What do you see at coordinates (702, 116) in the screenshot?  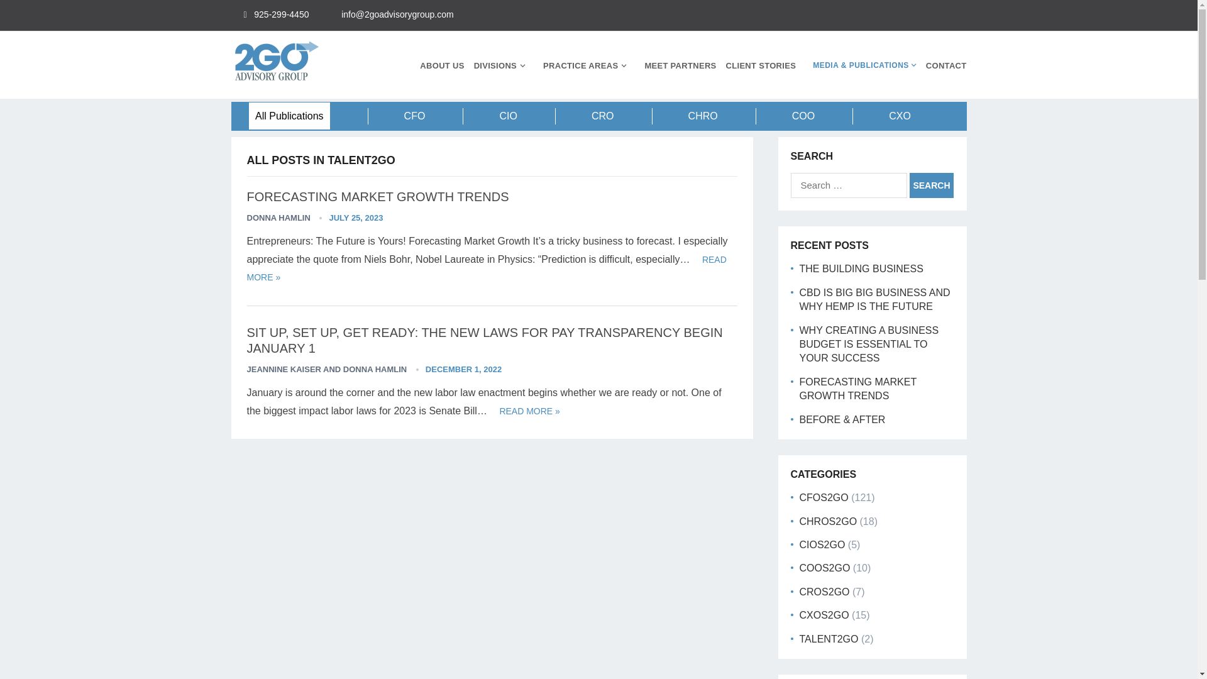 I see `'CHRO'` at bounding box center [702, 116].